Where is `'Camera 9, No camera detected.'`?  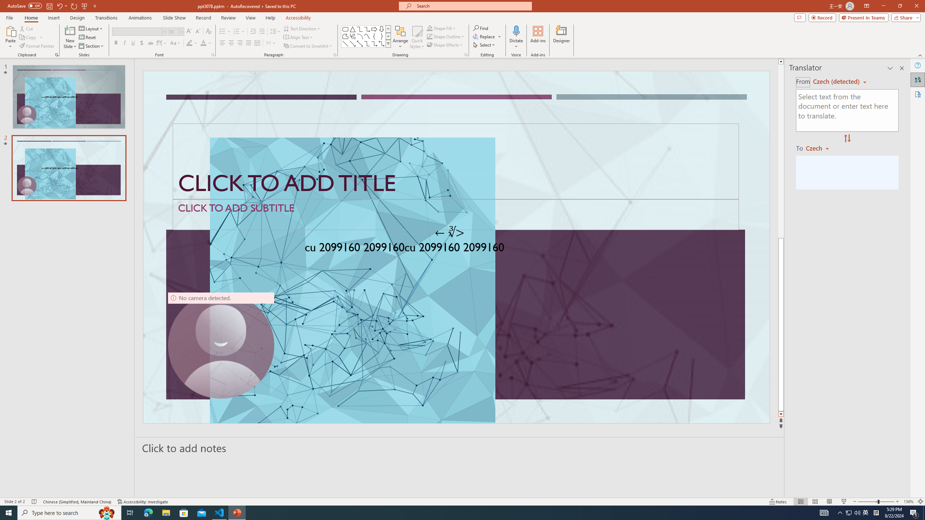 'Camera 9, No camera detected.' is located at coordinates (221, 345).